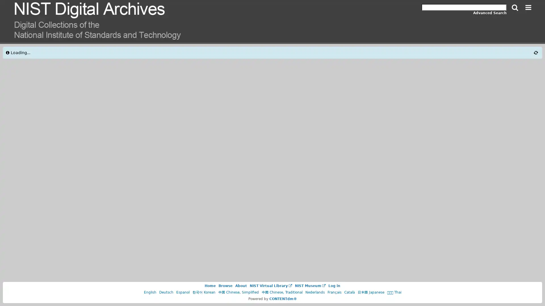 This screenshot has height=306, width=545. What do you see at coordinates (101, 129) in the screenshot?
I see `Update` at bounding box center [101, 129].